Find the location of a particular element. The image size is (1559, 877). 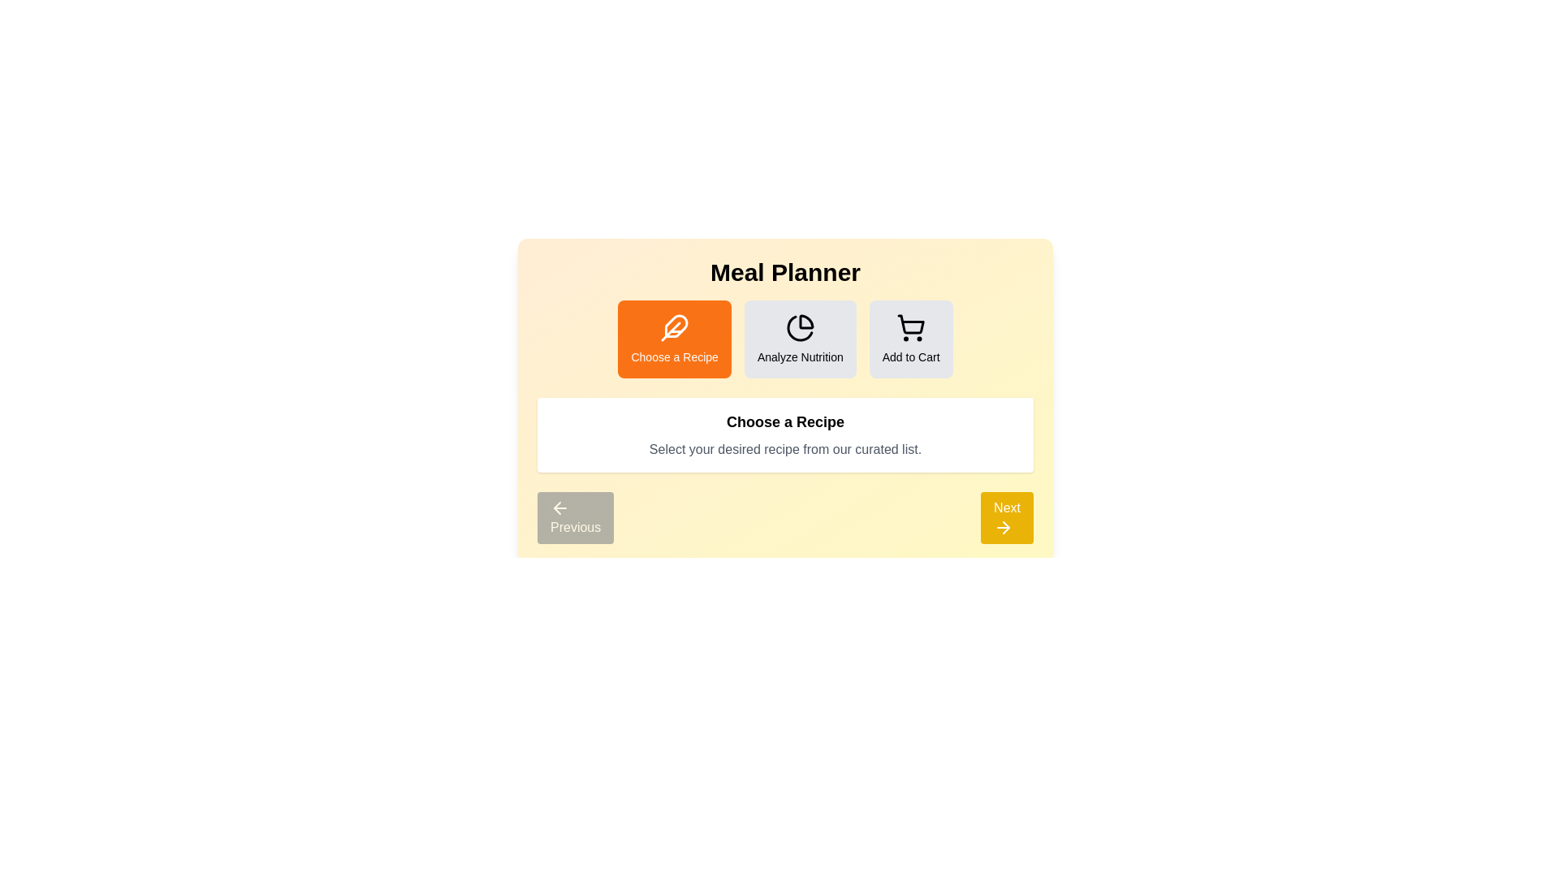

the step indicator corresponding to Choose a Recipe is located at coordinates (674, 338).